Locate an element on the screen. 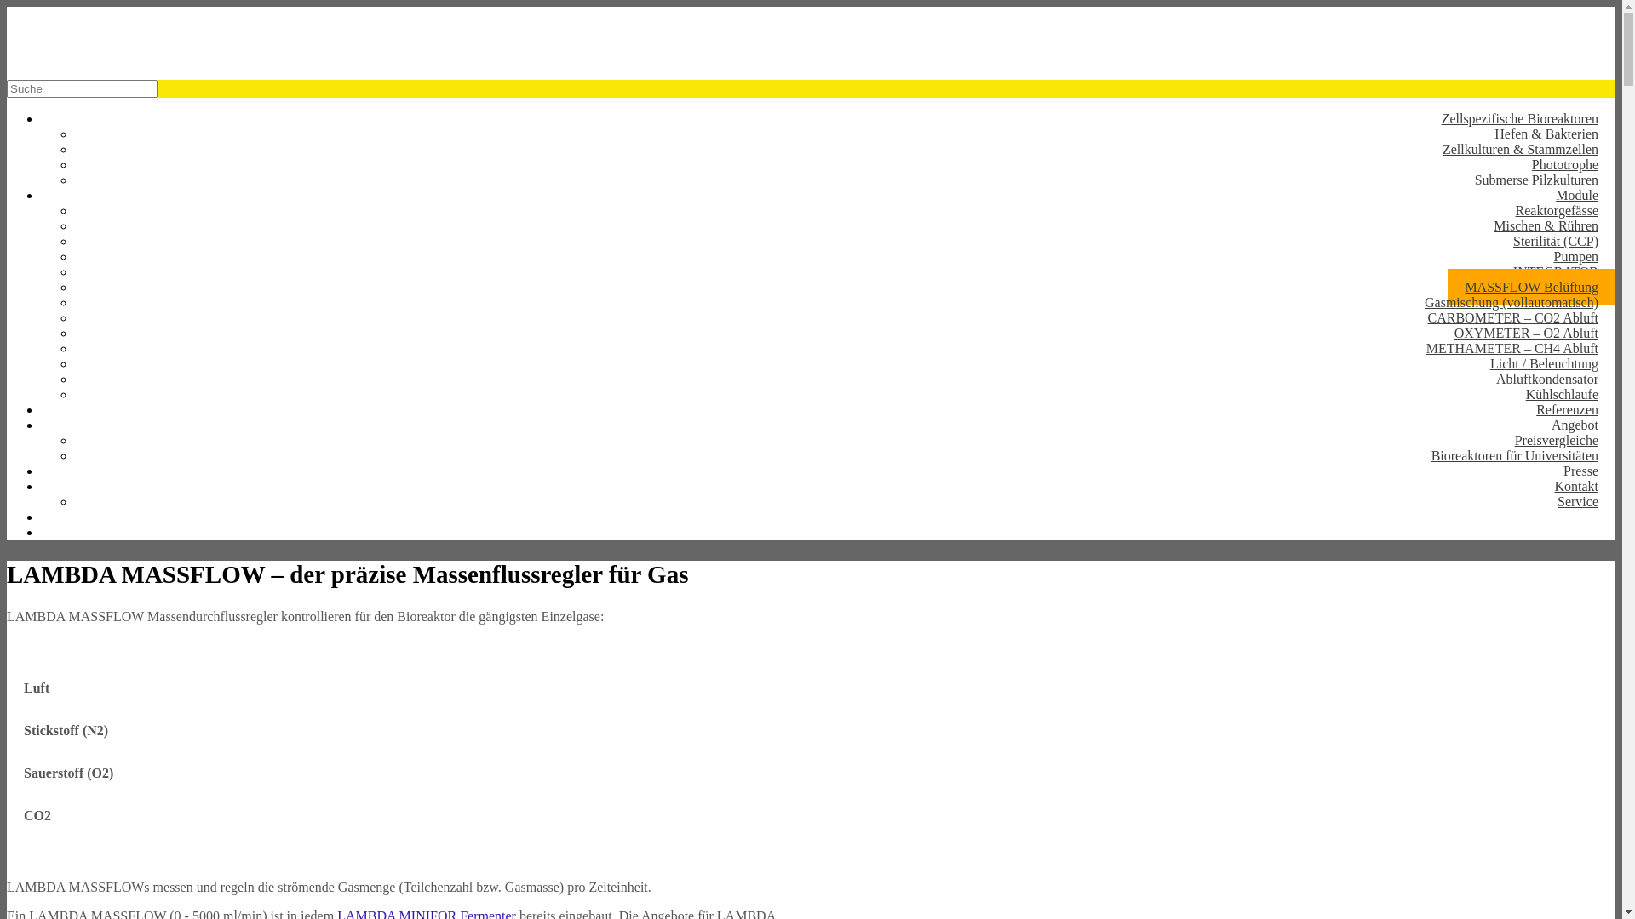 The height and width of the screenshot is (919, 1635). 'Submerse Pilzkulturen' is located at coordinates (1536, 180).